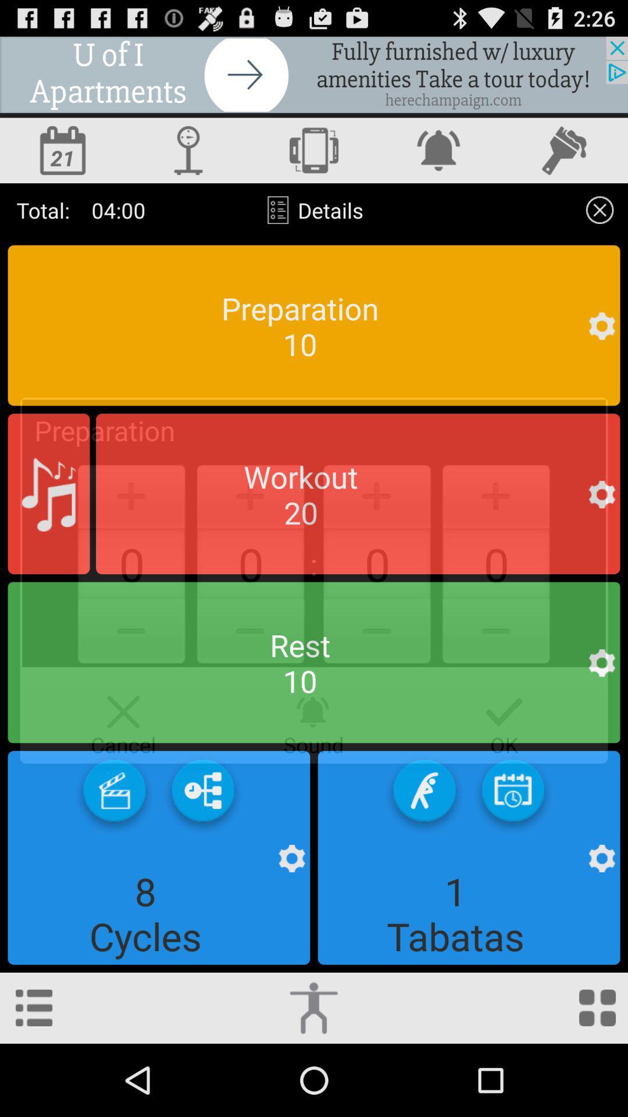 The image size is (628, 1117). What do you see at coordinates (512, 851) in the screenshot?
I see `the date_range icon` at bounding box center [512, 851].